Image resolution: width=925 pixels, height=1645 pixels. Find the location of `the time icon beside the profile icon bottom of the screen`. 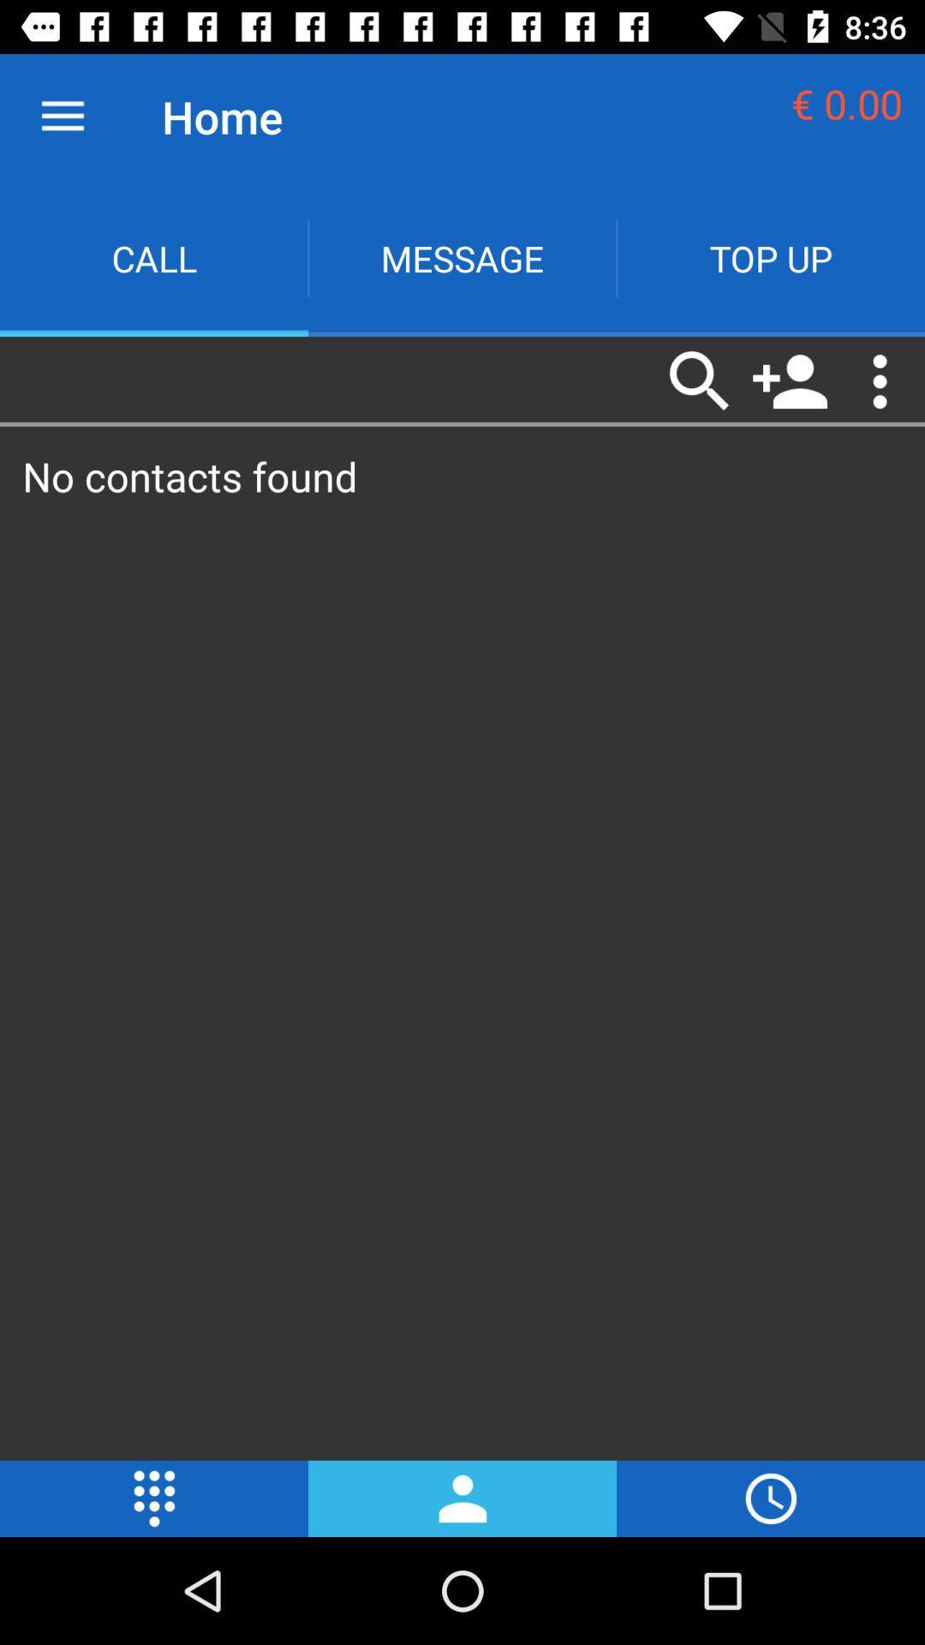

the time icon beside the profile icon bottom of the screen is located at coordinates (769, 1498).